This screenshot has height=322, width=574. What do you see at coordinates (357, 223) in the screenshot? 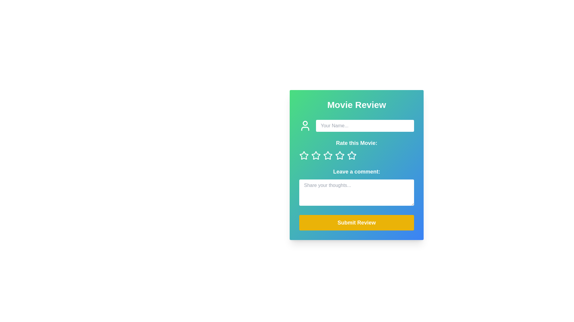
I see `the submit button located at the bottom section of the review card interface` at bounding box center [357, 223].